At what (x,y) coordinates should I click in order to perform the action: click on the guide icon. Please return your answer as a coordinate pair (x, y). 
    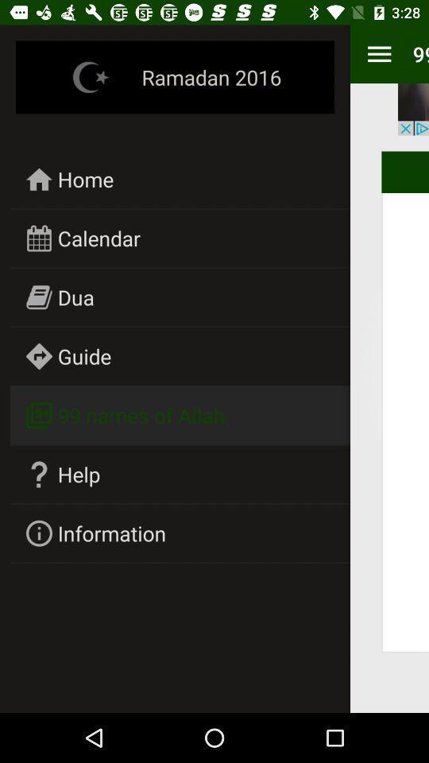
    Looking at the image, I should click on (84, 356).